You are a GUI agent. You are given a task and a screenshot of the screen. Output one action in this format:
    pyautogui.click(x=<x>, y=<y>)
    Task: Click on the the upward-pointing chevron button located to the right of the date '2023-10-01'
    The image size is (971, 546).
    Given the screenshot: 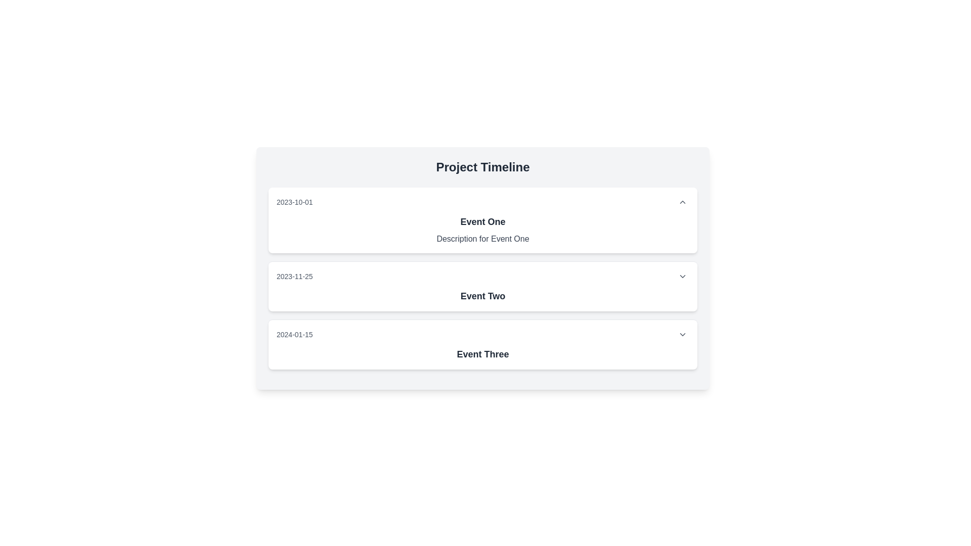 What is the action you would take?
    pyautogui.click(x=682, y=202)
    